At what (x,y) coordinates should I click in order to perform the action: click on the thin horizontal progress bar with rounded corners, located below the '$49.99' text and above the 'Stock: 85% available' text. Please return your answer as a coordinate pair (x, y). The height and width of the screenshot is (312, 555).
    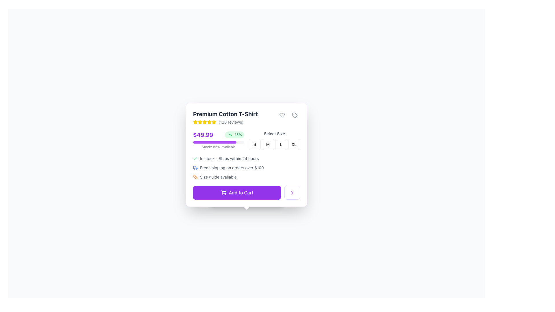
    Looking at the image, I should click on (218, 142).